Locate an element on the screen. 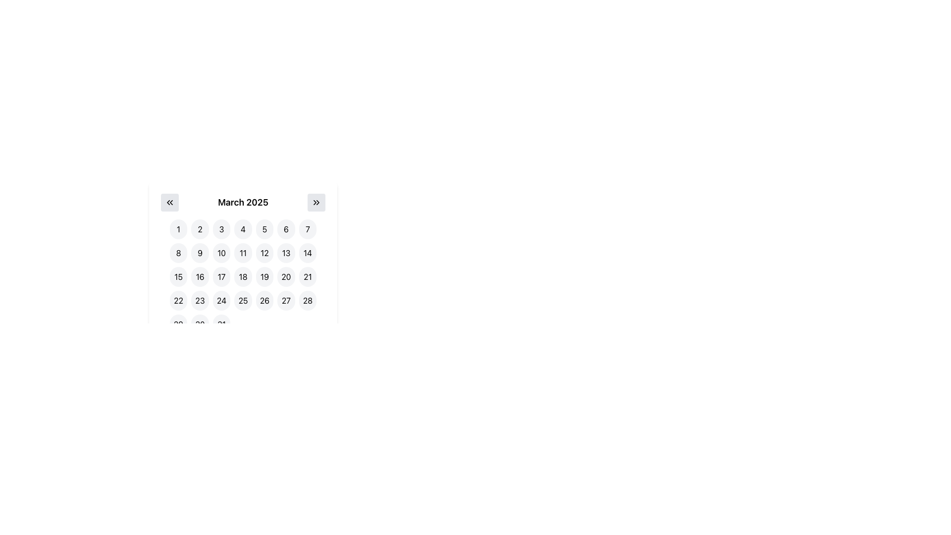 The width and height of the screenshot is (951, 535). the button representing the selectable date in the calendar interface located in the fifth column of the fourth row is located at coordinates (243, 300).